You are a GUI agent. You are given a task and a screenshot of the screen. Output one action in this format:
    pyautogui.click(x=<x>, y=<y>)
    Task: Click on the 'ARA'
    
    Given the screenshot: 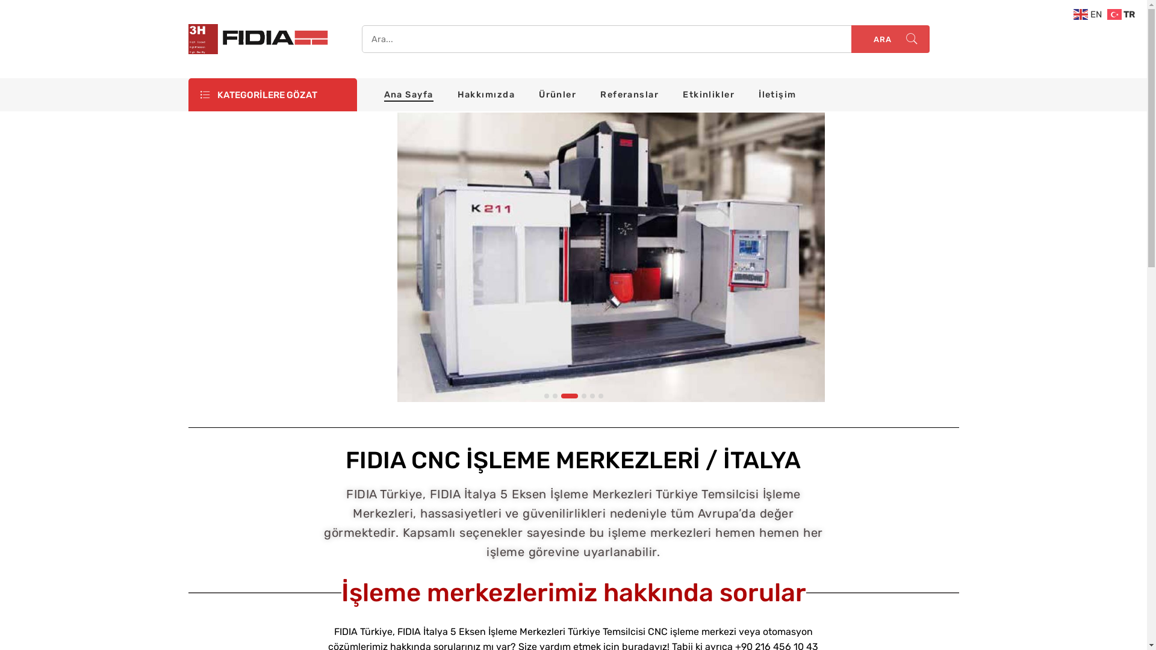 What is the action you would take?
    pyautogui.click(x=890, y=39)
    